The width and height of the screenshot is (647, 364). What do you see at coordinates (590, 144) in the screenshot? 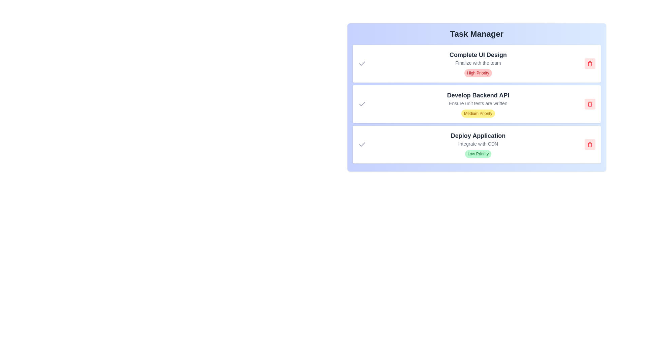
I see `the delete button of the task with title Deploy Application` at bounding box center [590, 144].